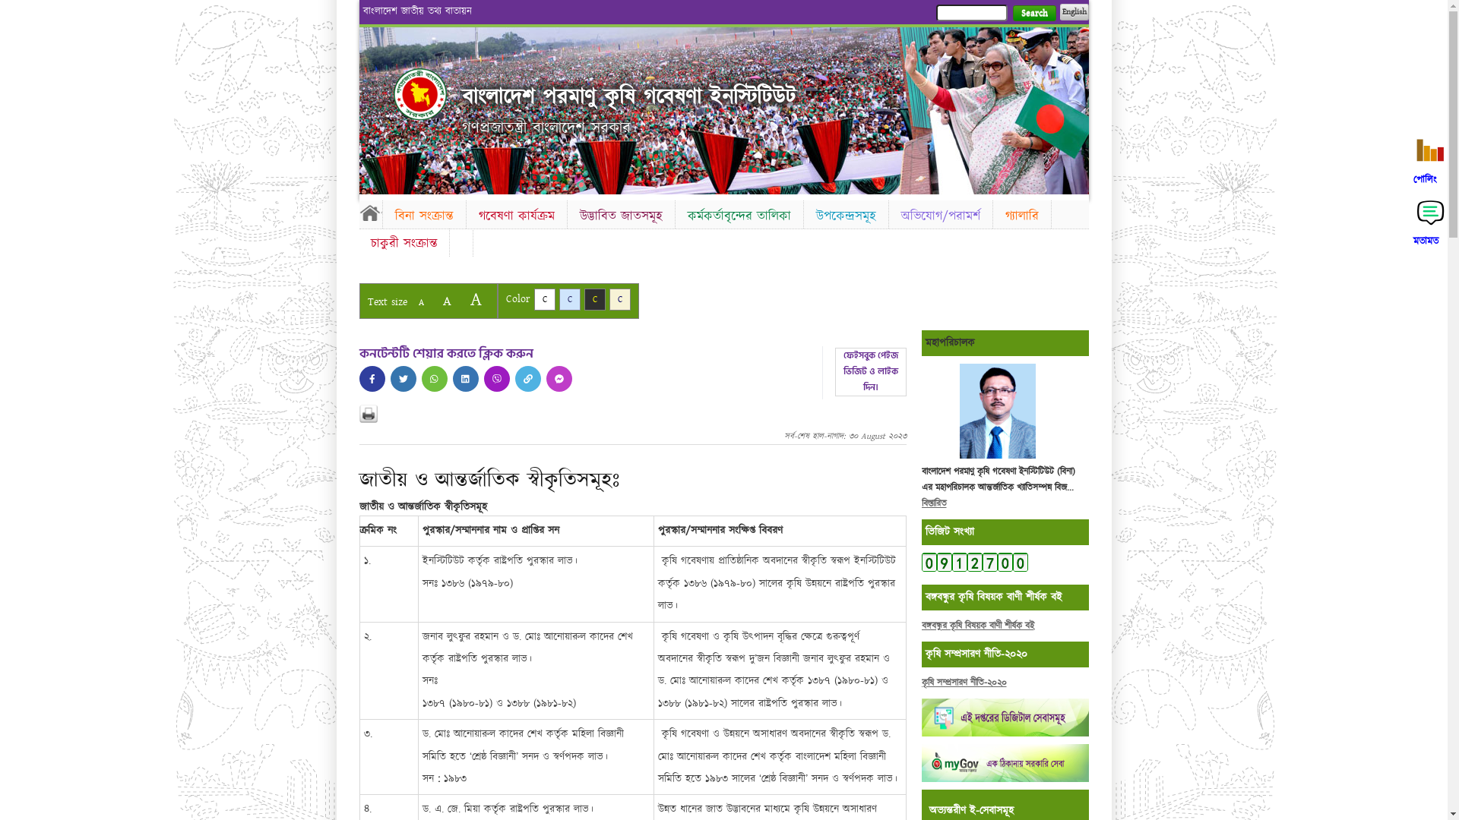 The height and width of the screenshot is (820, 1459). I want to click on 'C', so click(620, 299).